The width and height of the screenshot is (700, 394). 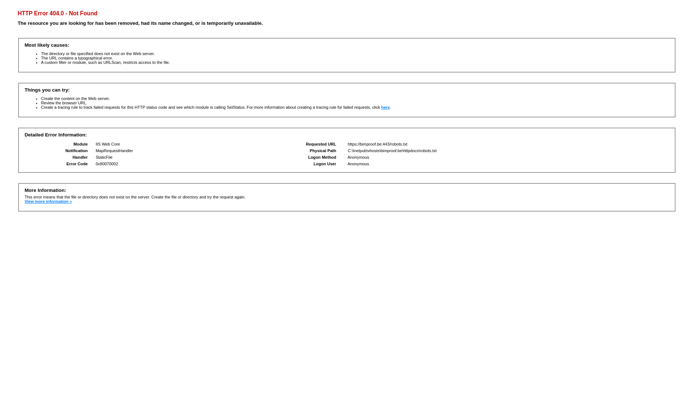 I want to click on 'here', so click(x=385, y=107).